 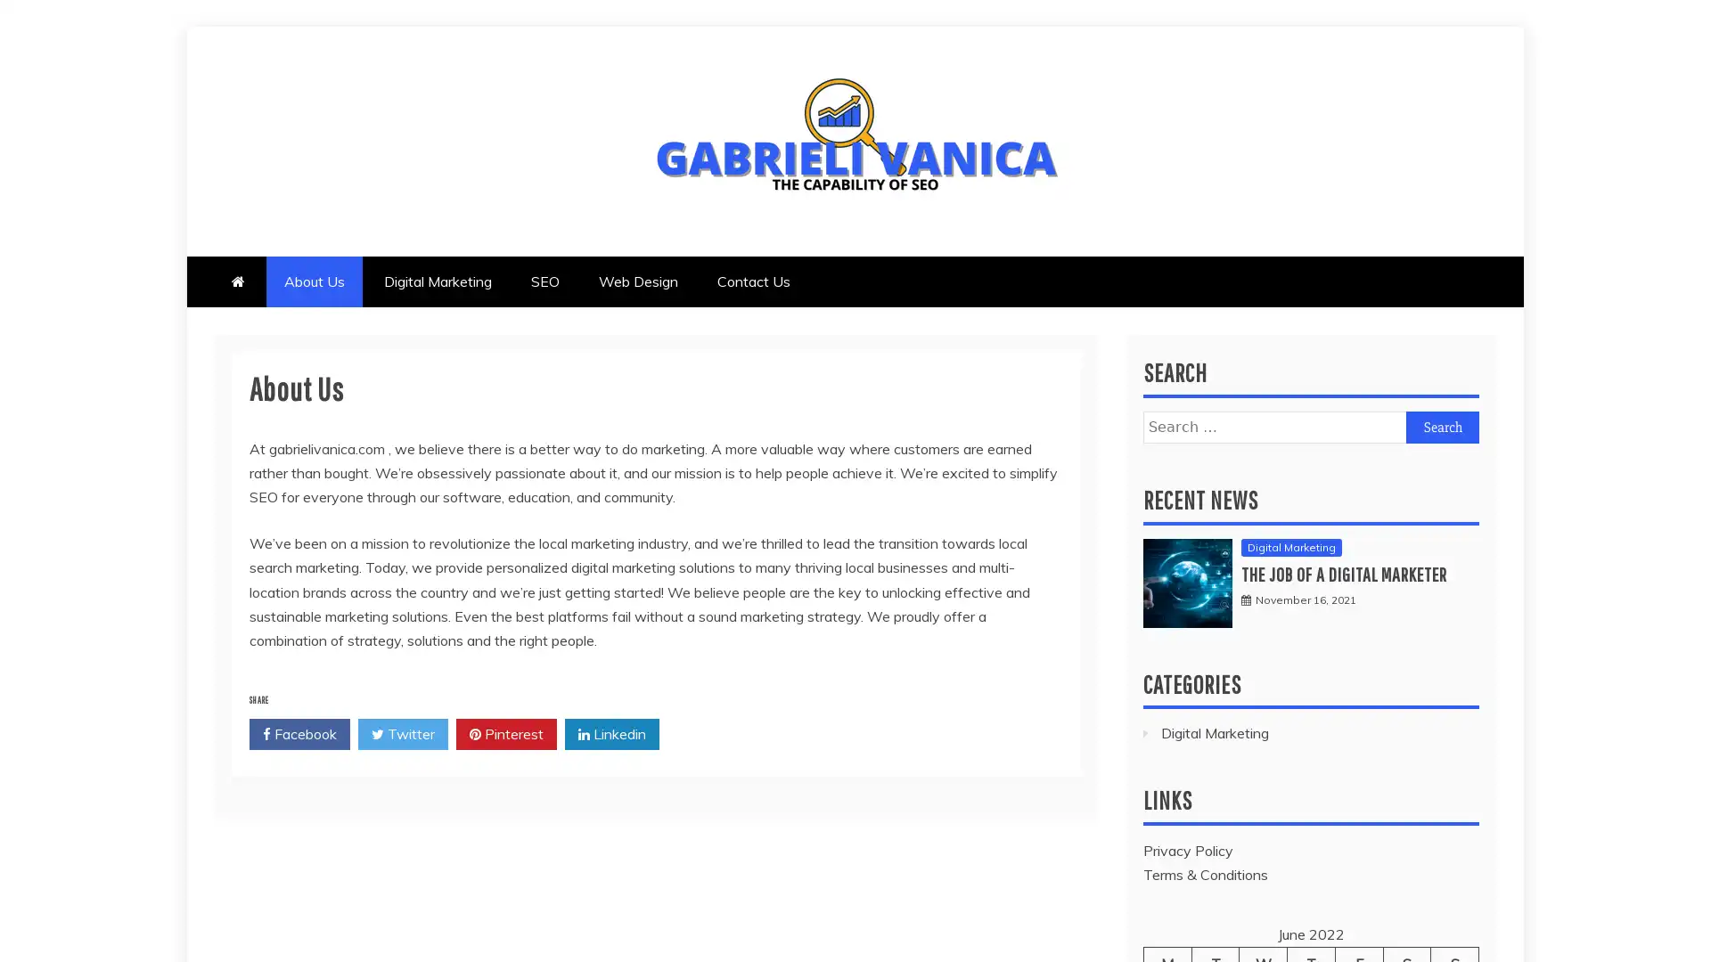 What do you see at coordinates (1442, 426) in the screenshot?
I see `Search` at bounding box center [1442, 426].